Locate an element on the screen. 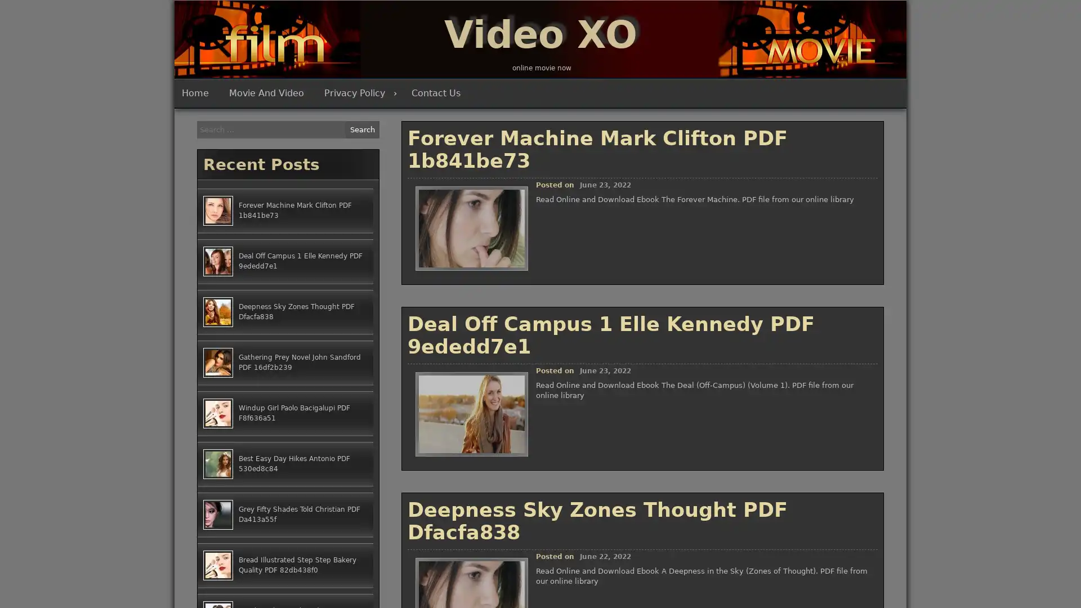 This screenshot has width=1081, height=608. Search is located at coordinates (362, 129).